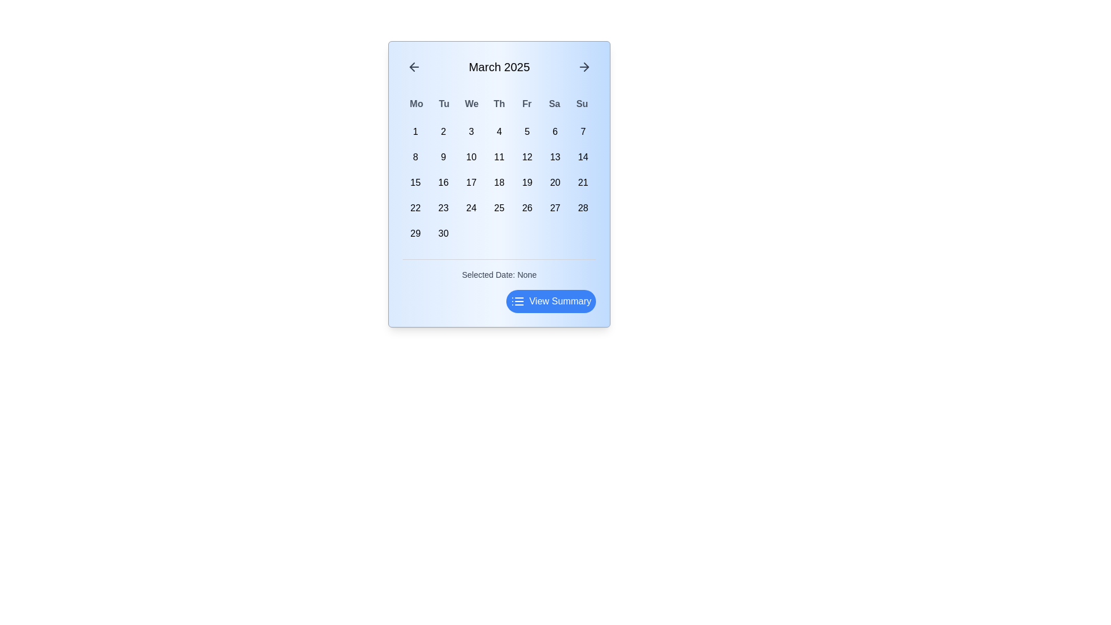 This screenshot has height=625, width=1111. I want to click on the selectable date button for March 9, 2025, in the calendar interface, so click(443, 157).